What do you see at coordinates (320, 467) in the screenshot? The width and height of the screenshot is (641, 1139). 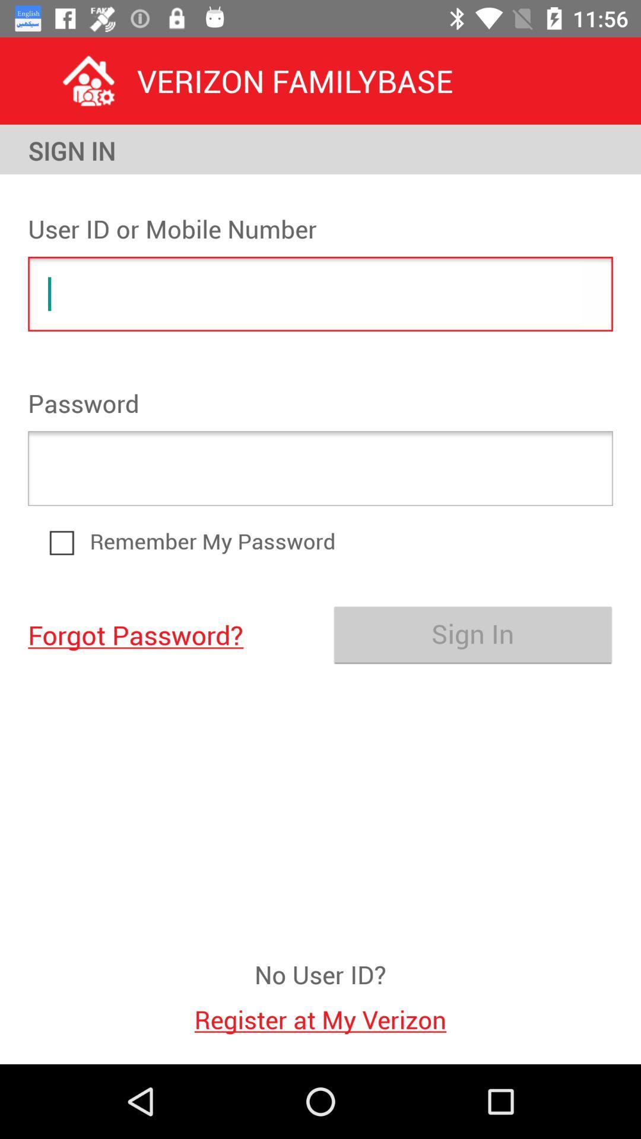 I see `put cursor in password section` at bounding box center [320, 467].